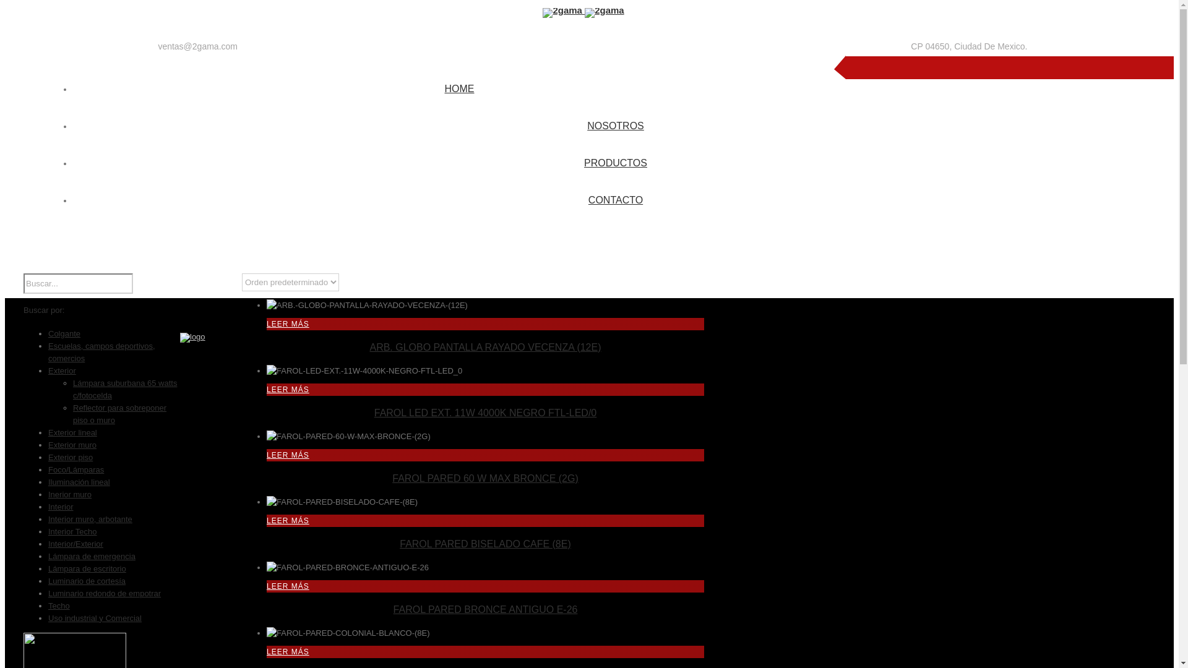 The image size is (1188, 668). Describe the element at coordinates (69, 494) in the screenshot. I see `'Inerior muro'` at that location.